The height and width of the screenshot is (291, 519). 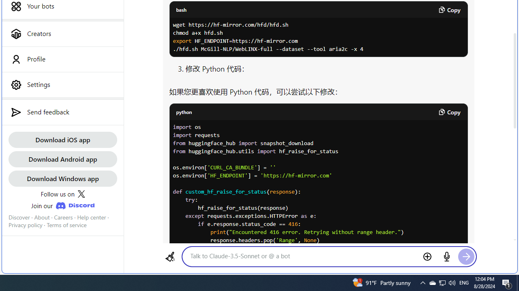 What do you see at coordinates (81, 194) in the screenshot?
I see `'Class: FollowTwitterLink_twitterIconBlack__SS_7V'` at bounding box center [81, 194].